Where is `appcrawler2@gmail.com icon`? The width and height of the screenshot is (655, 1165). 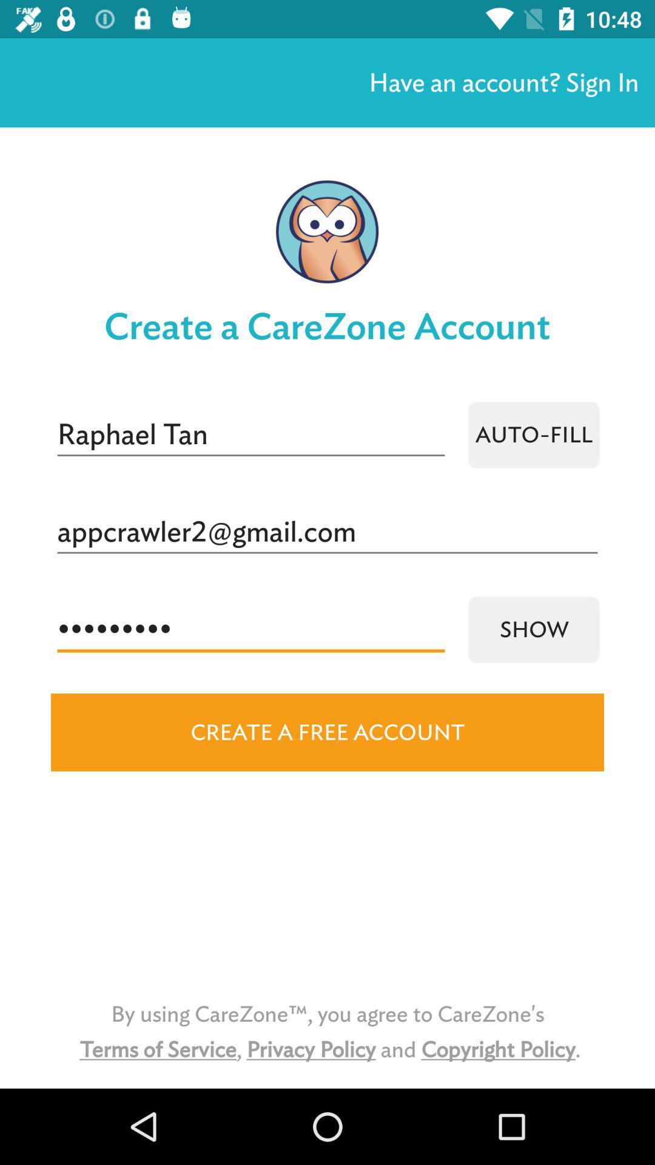
appcrawler2@gmail.com icon is located at coordinates (327, 532).